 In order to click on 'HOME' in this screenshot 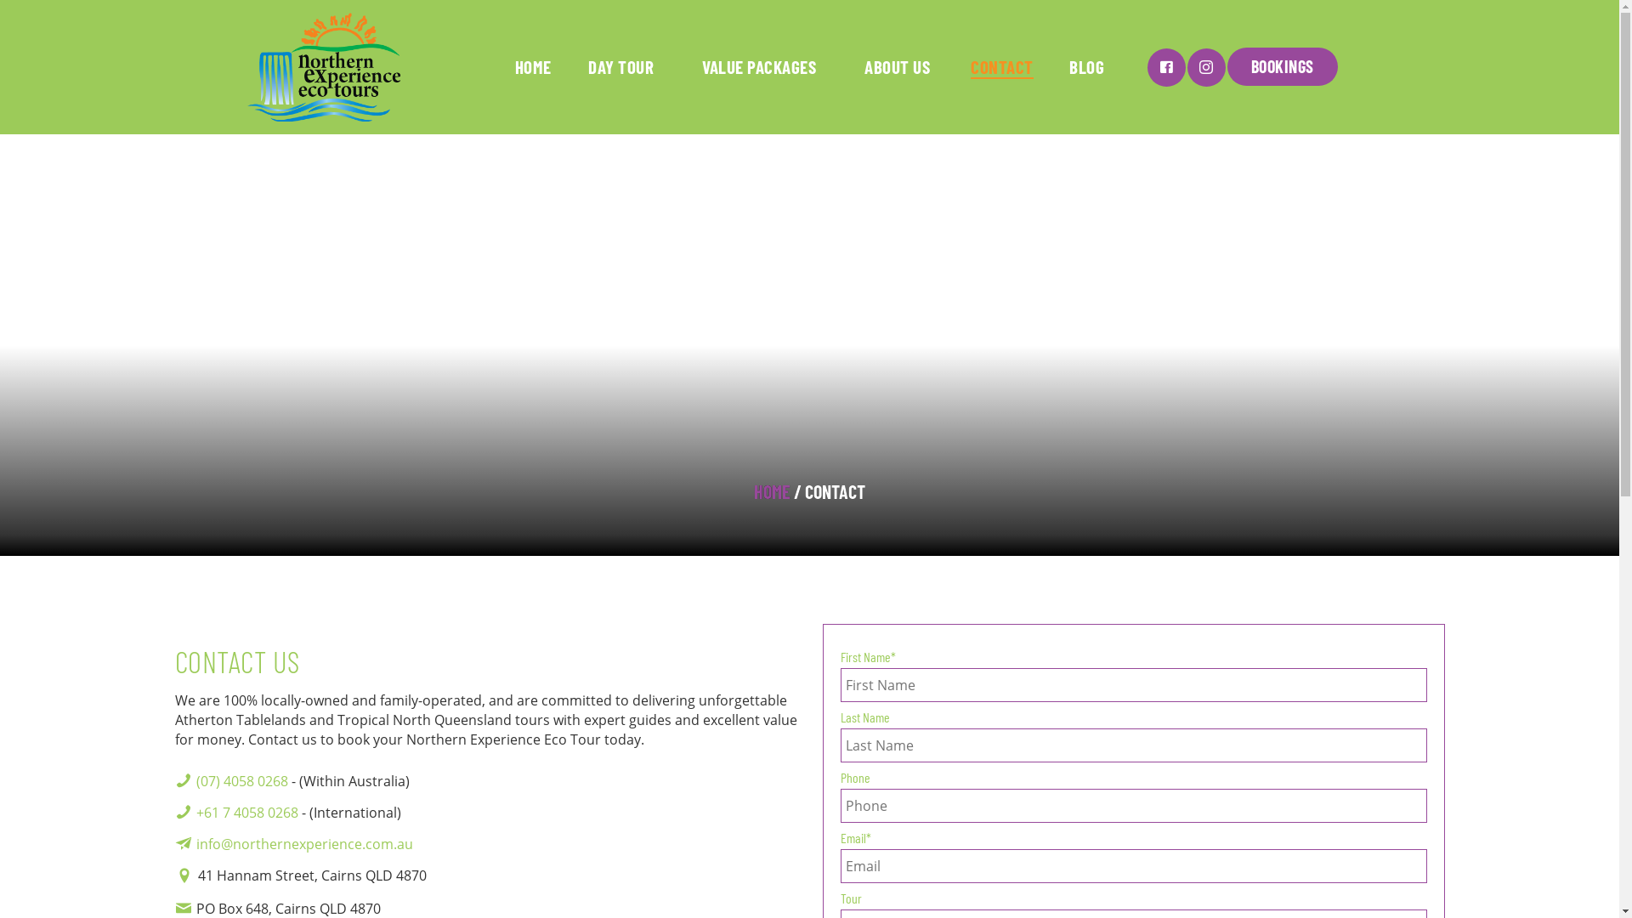, I will do `click(771, 491)`.